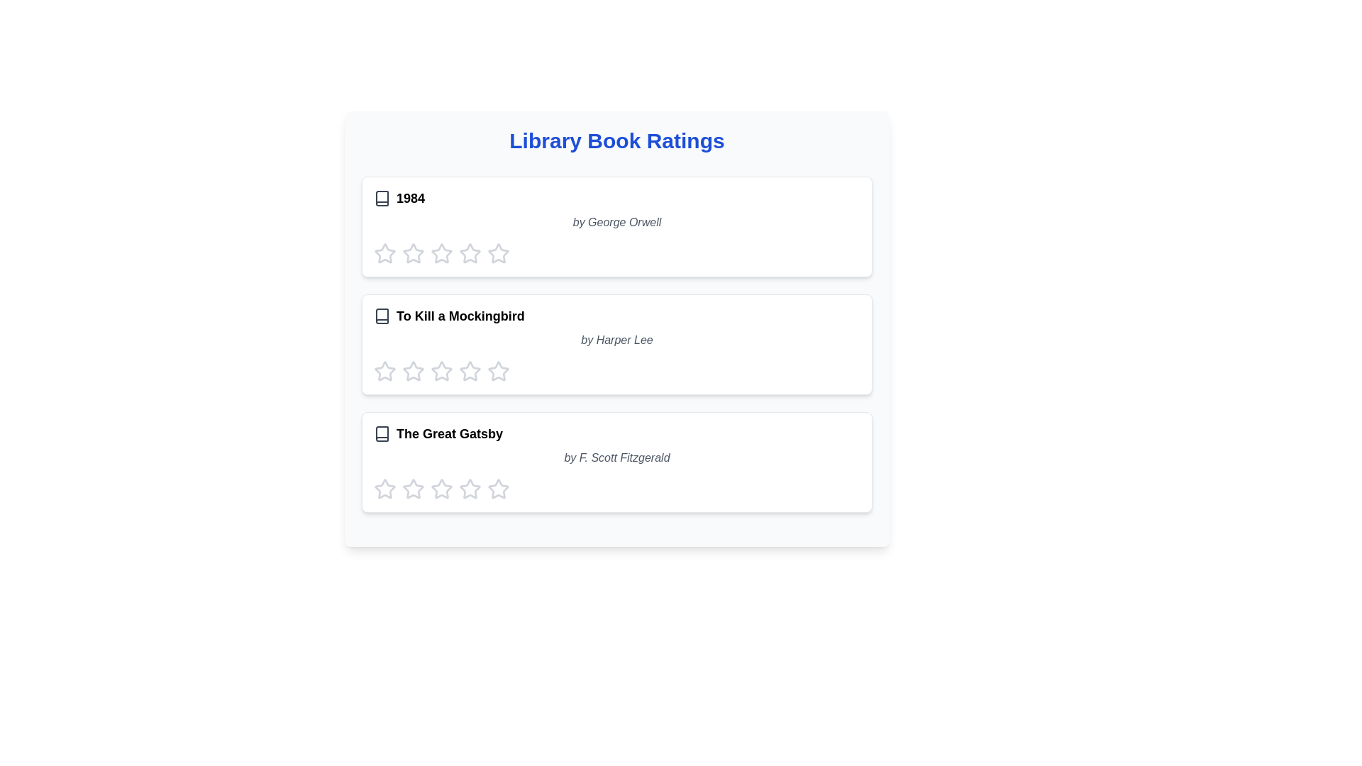  I want to click on the second star in the rating row for 'To Kill a Mockingbird', so click(441, 370).